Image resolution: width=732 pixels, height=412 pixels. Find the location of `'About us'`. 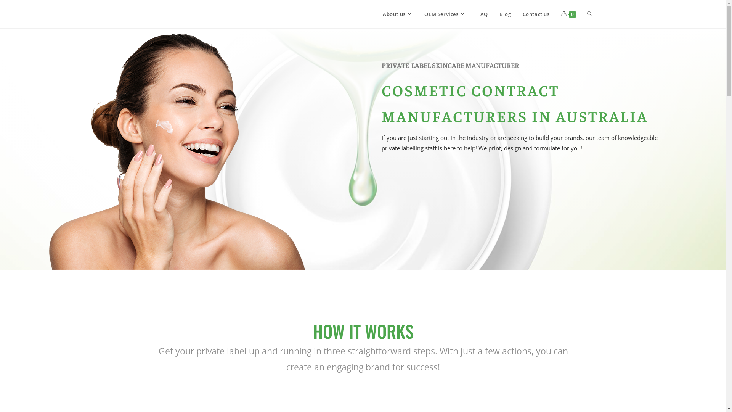

'About us' is located at coordinates (397, 14).